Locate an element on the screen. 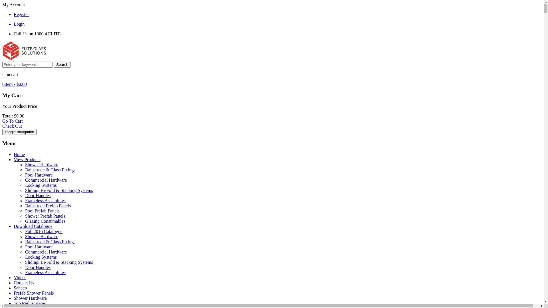  'Locking Systems' is located at coordinates (25, 257).